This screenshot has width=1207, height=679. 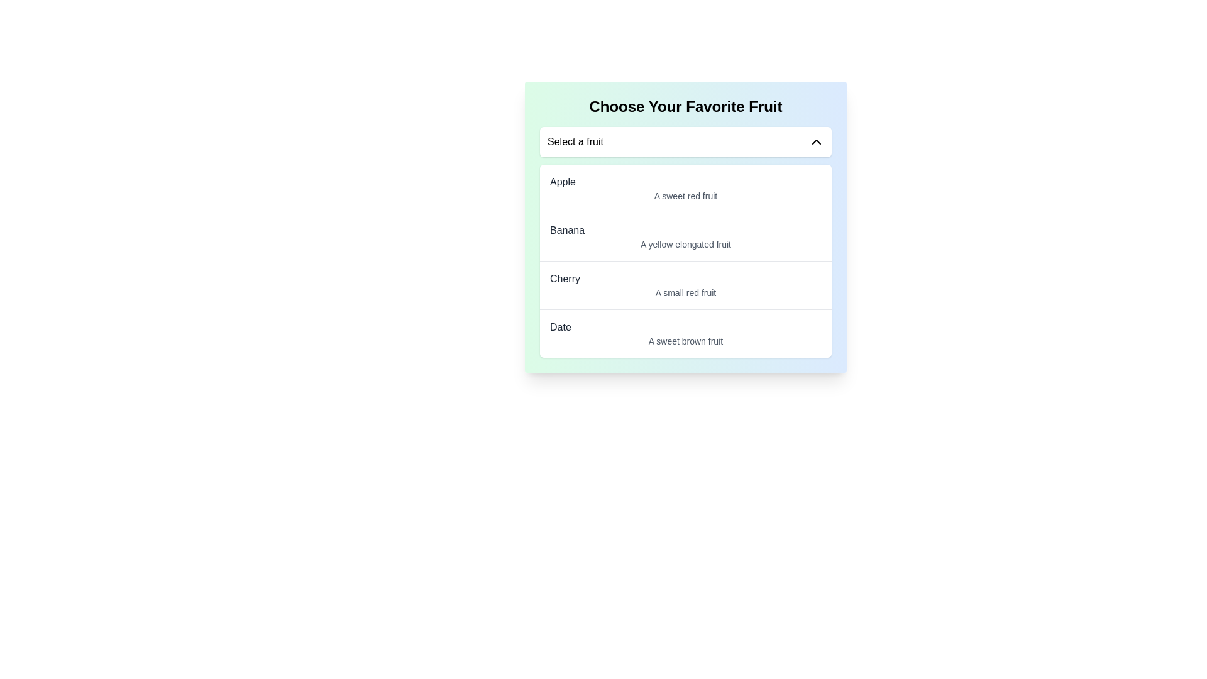 I want to click on the text label indicating the third option of the selection list titled 'Choose Your Favorite Fruit', so click(x=685, y=278).